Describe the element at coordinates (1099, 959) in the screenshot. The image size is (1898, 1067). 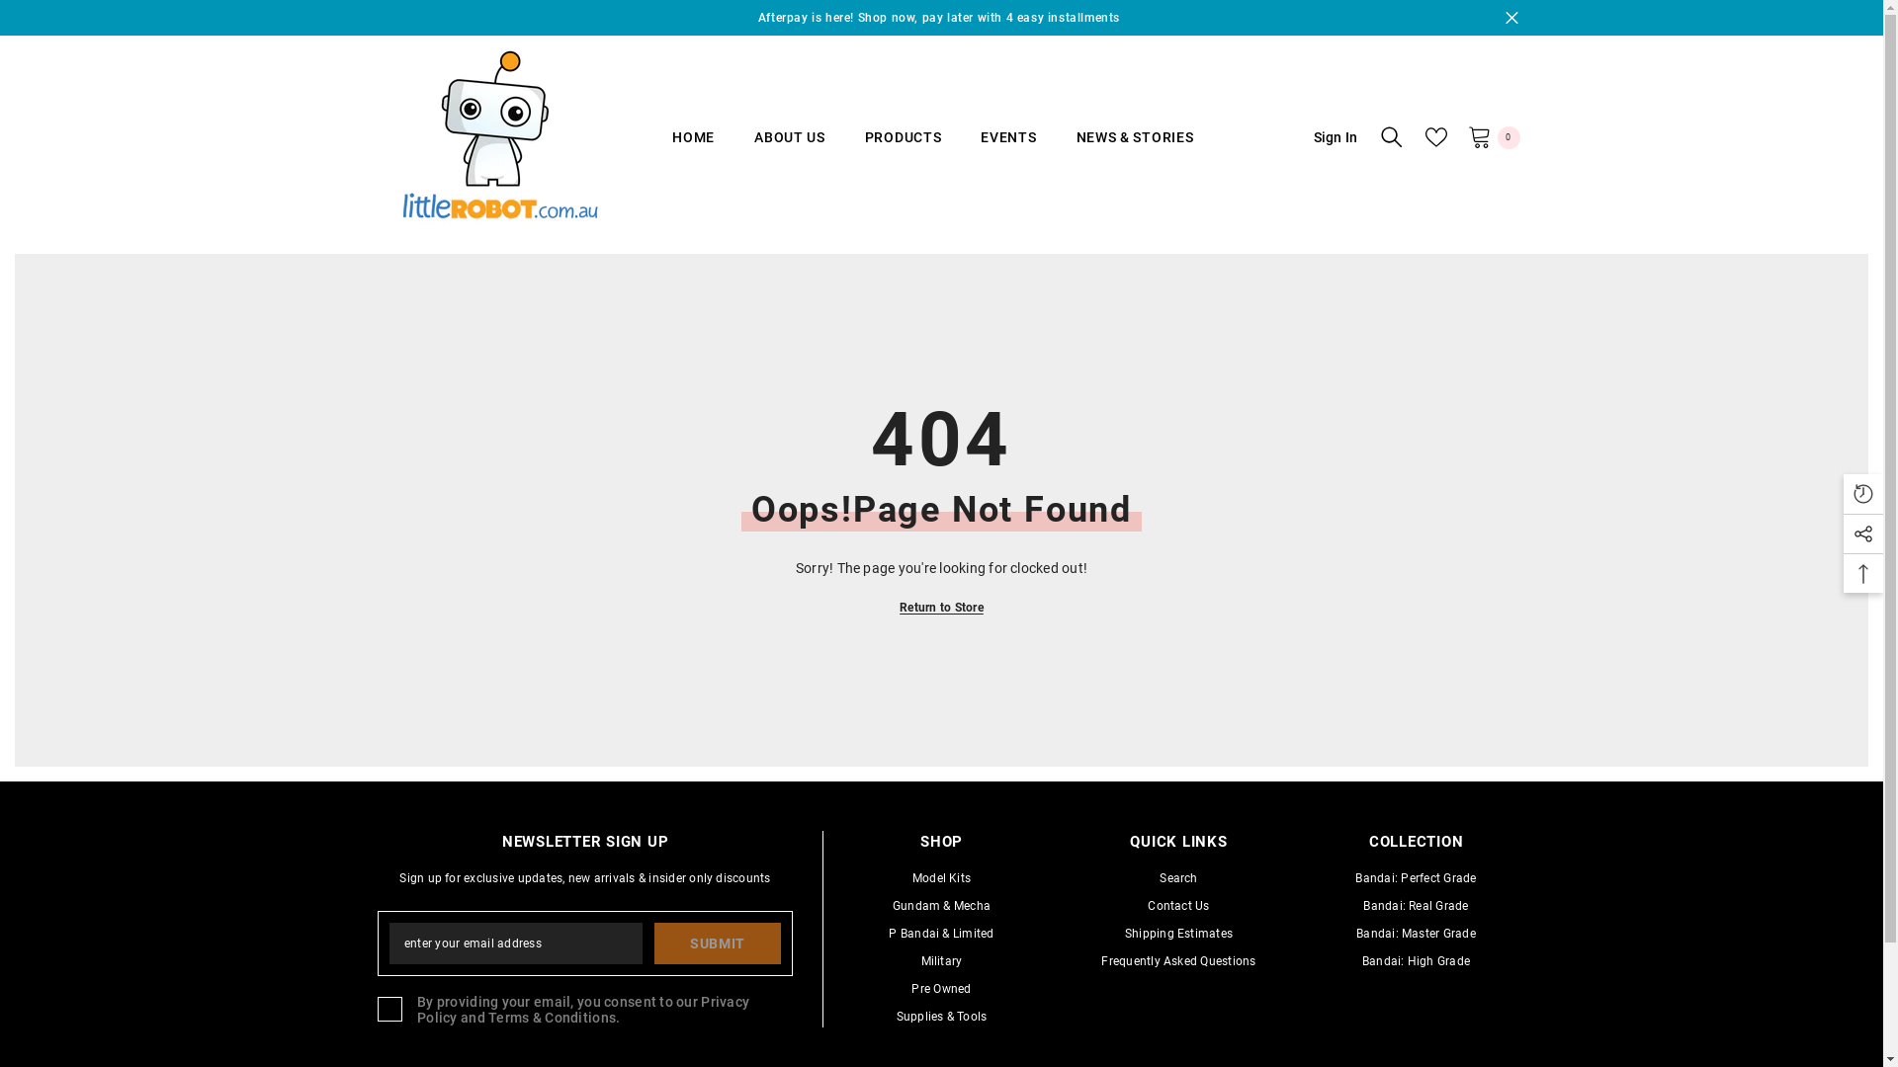
I see `'Frequently Asked Questions'` at that location.